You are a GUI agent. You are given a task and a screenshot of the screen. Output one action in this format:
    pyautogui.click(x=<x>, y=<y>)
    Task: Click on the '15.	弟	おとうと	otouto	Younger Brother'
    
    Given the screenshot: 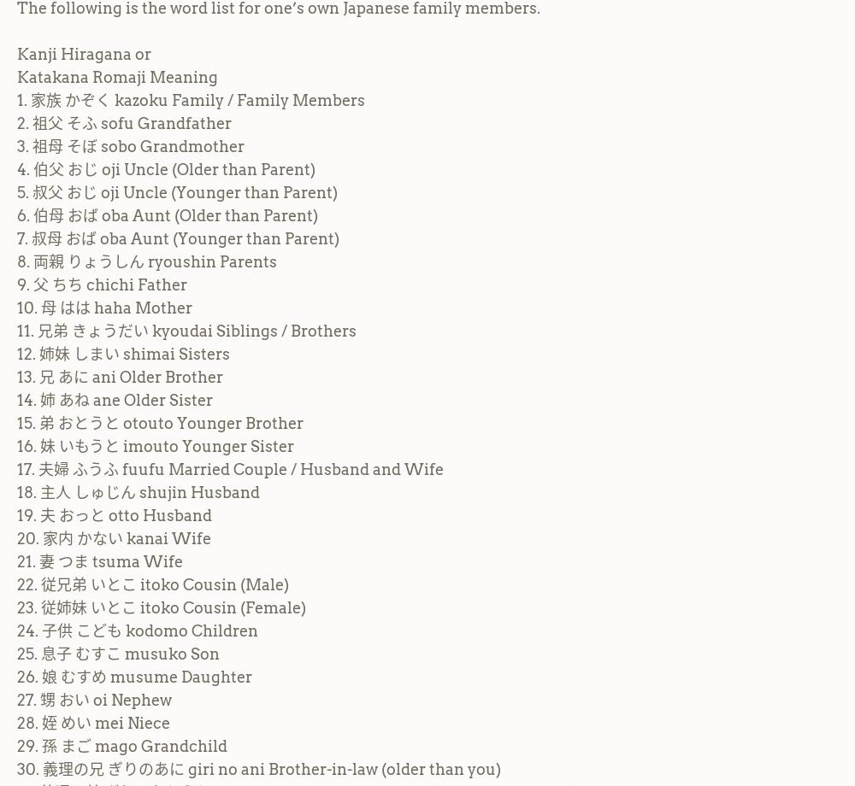 What is the action you would take?
    pyautogui.click(x=160, y=422)
    